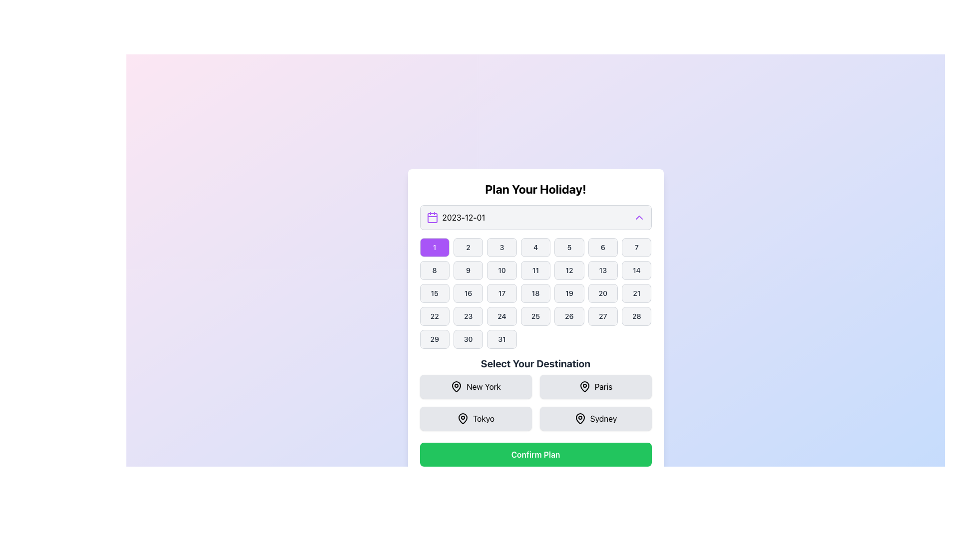 Image resolution: width=959 pixels, height=539 pixels. Describe the element at coordinates (468, 338) in the screenshot. I see `the button representing the 30th day of the month in the calendar grid, located in the sixth row and second column` at that location.